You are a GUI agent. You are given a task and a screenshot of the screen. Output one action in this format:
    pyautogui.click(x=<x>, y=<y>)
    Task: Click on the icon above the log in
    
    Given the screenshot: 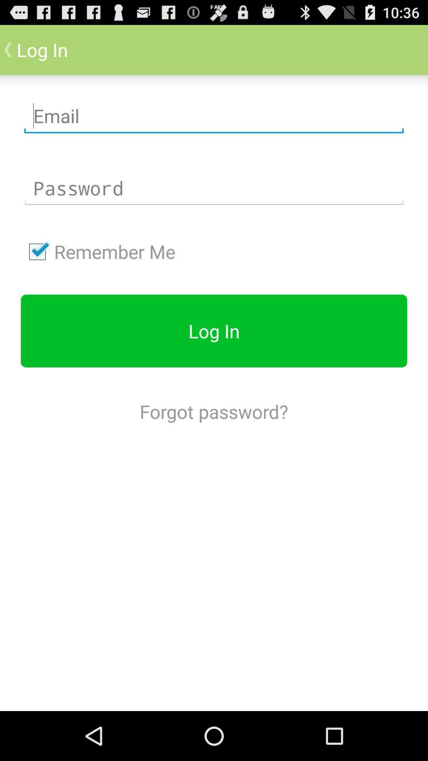 What is the action you would take?
    pyautogui.click(x=97, y=251)
    